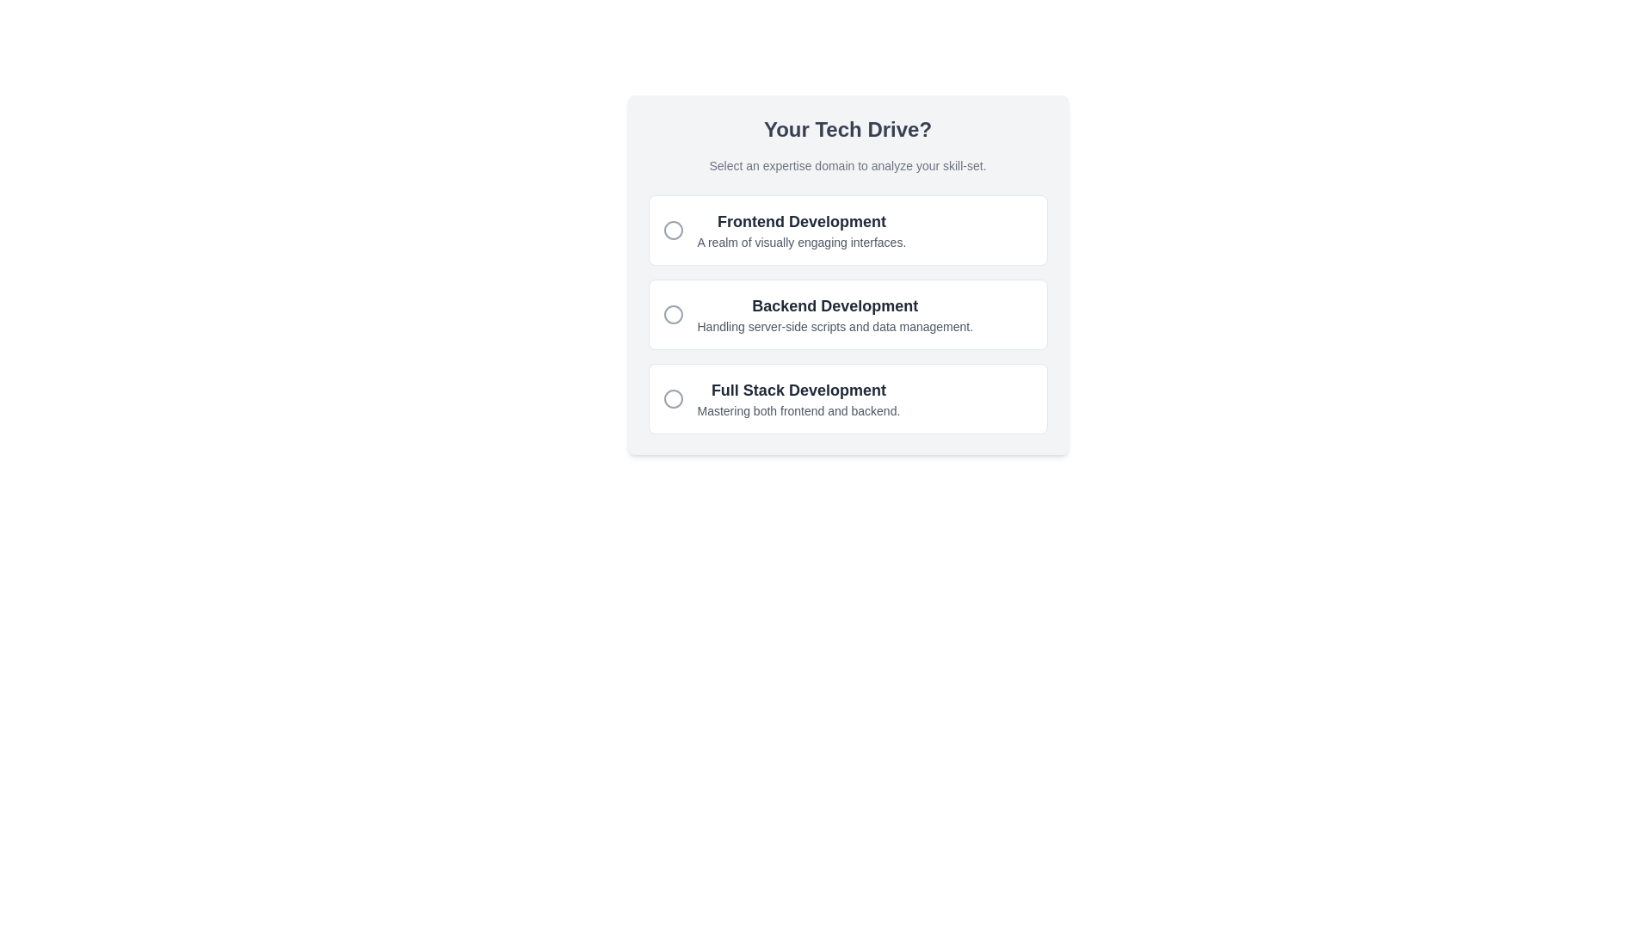  I want to click on the textual informational block titled 'Backend Development' to trigger stylistic changes or tooltips, so click(835, 315).